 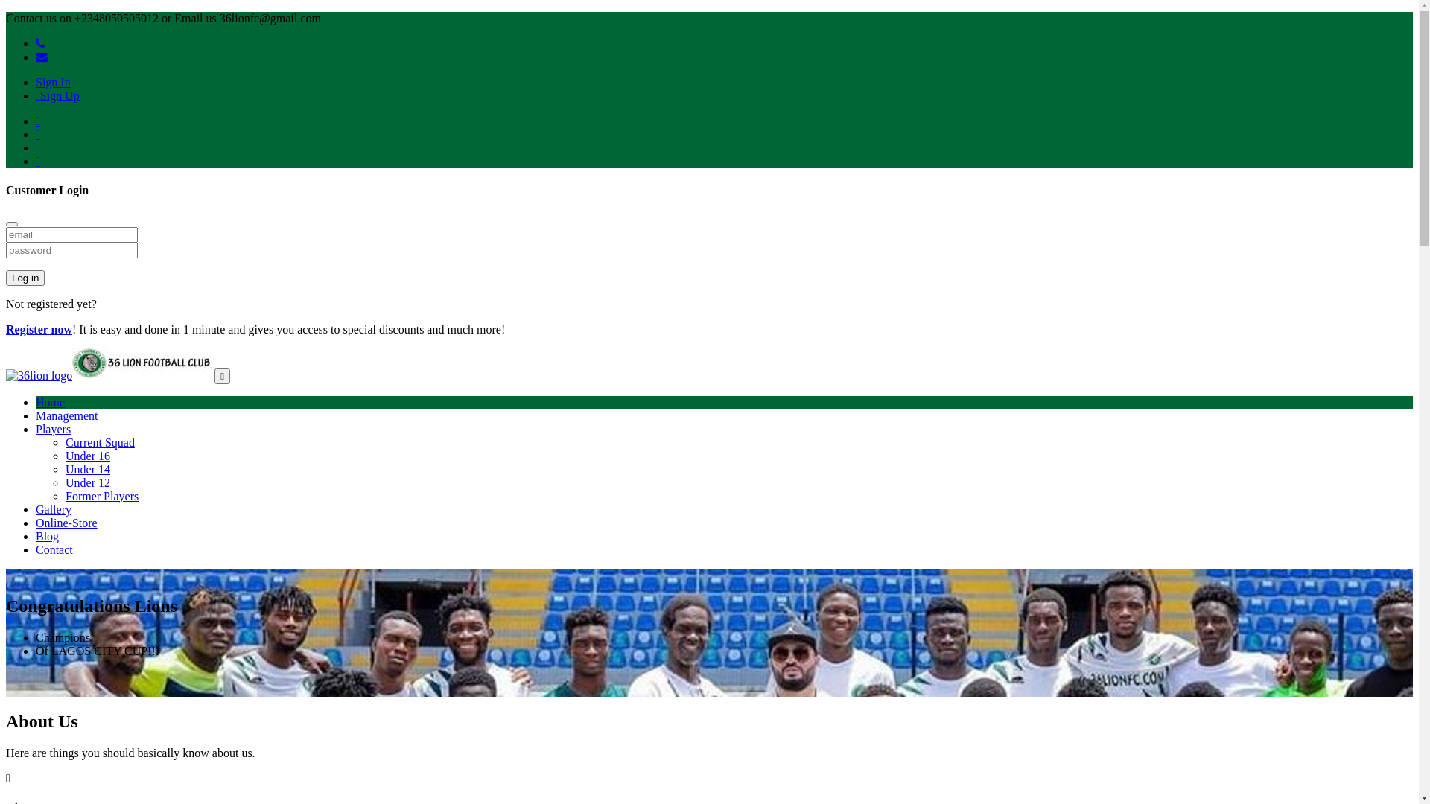 I want to click on 'Toggle navigation', so click(x=221, y=375).